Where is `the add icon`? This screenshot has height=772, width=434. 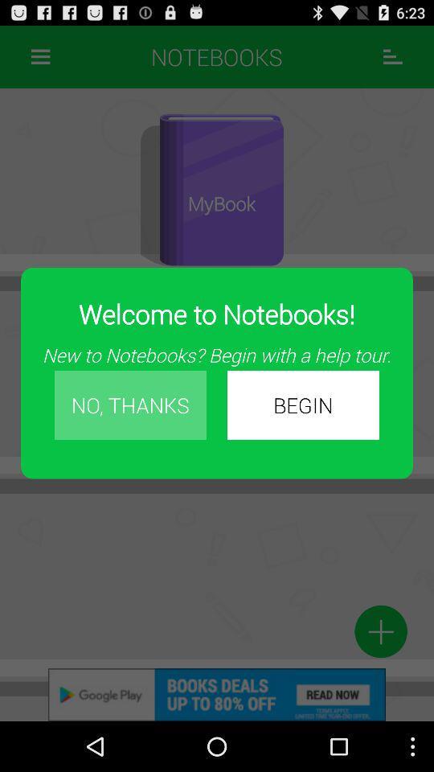
the add icon is located at coordinates (380, 675).